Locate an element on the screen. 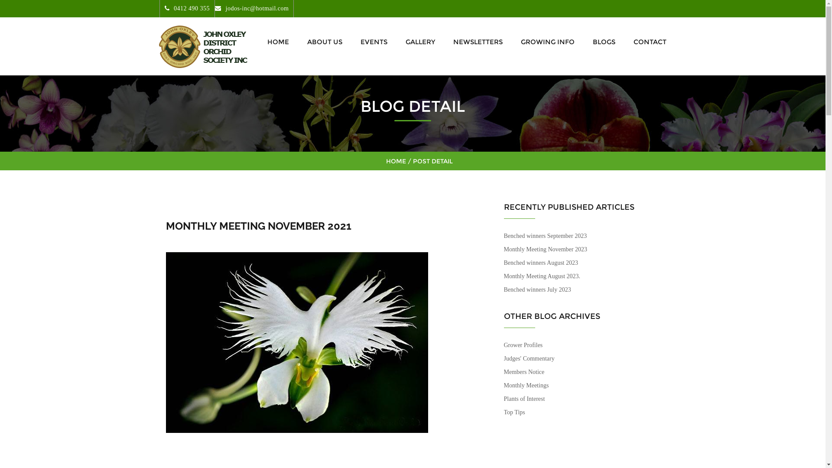 The width and height of the screenshot is (832, 468). 'Benched winners August 2023' is located at coordinates (540, 262).